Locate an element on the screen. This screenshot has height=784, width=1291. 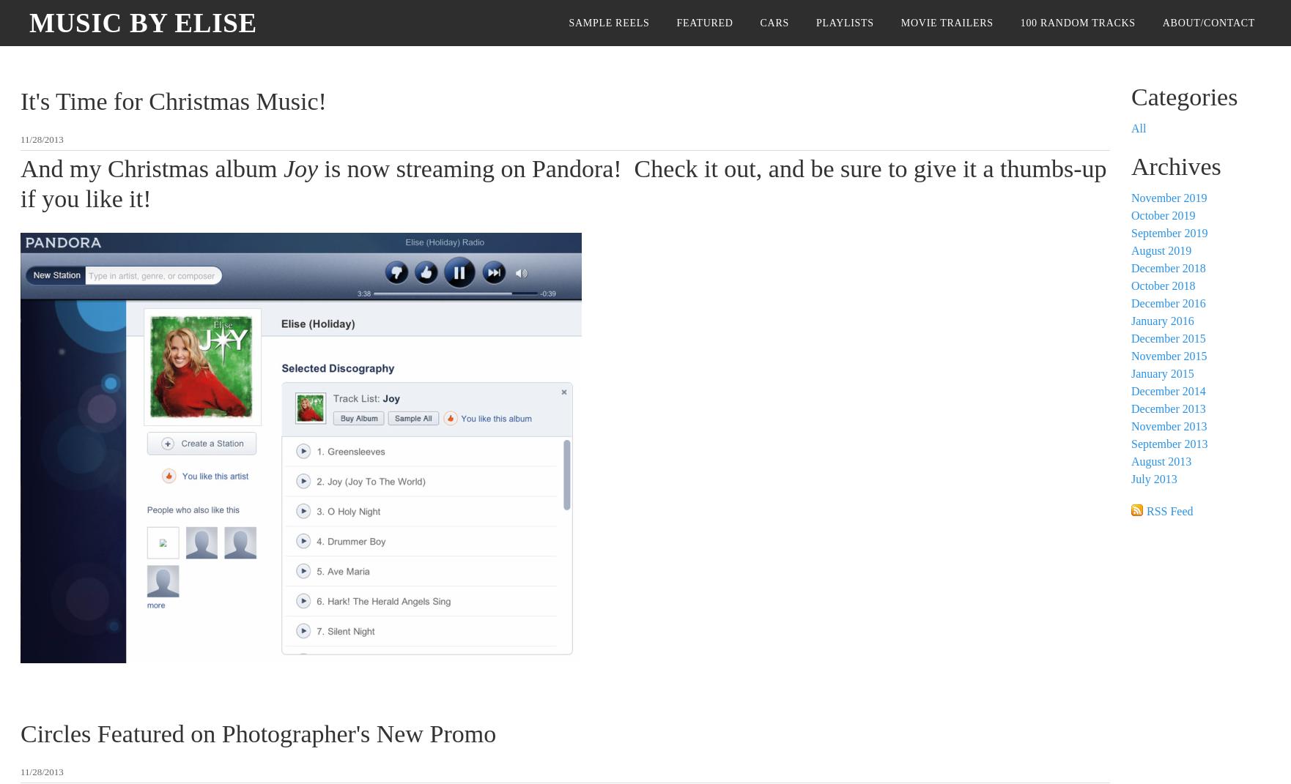
'October 2018' is located at coordinates (1131, 285).